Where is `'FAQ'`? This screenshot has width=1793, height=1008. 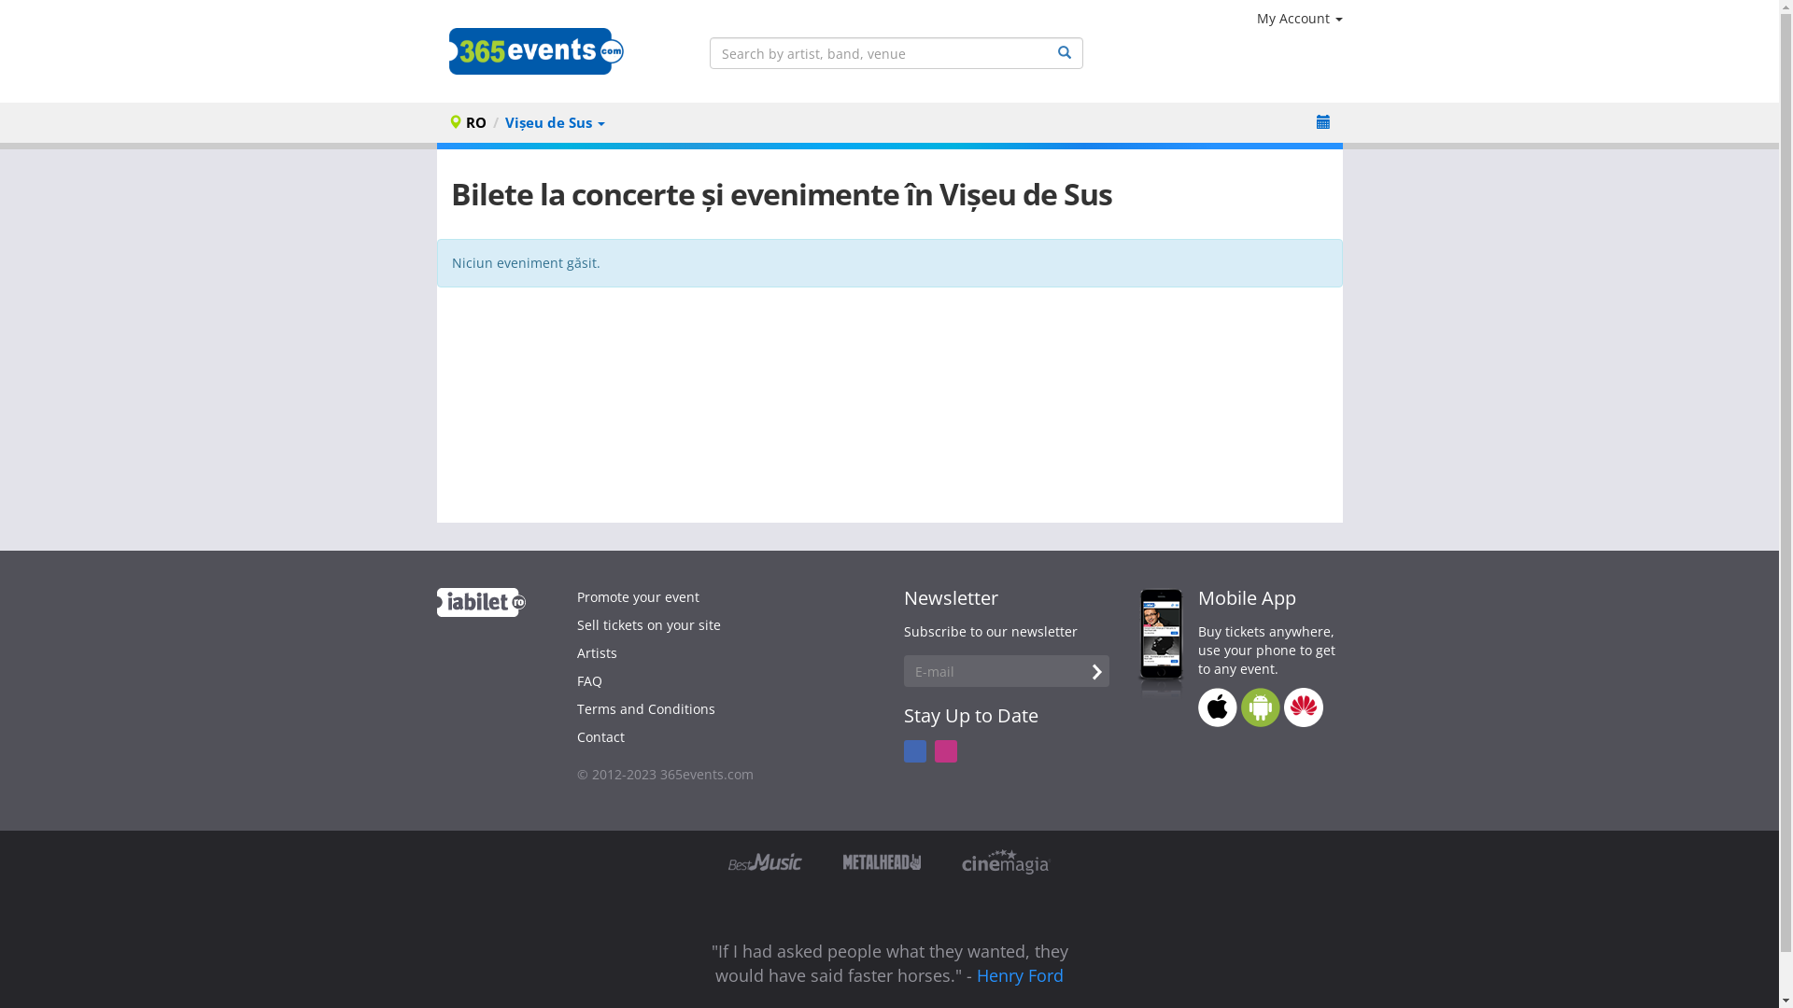 'FAQ' is located at coordinates (588, 680).